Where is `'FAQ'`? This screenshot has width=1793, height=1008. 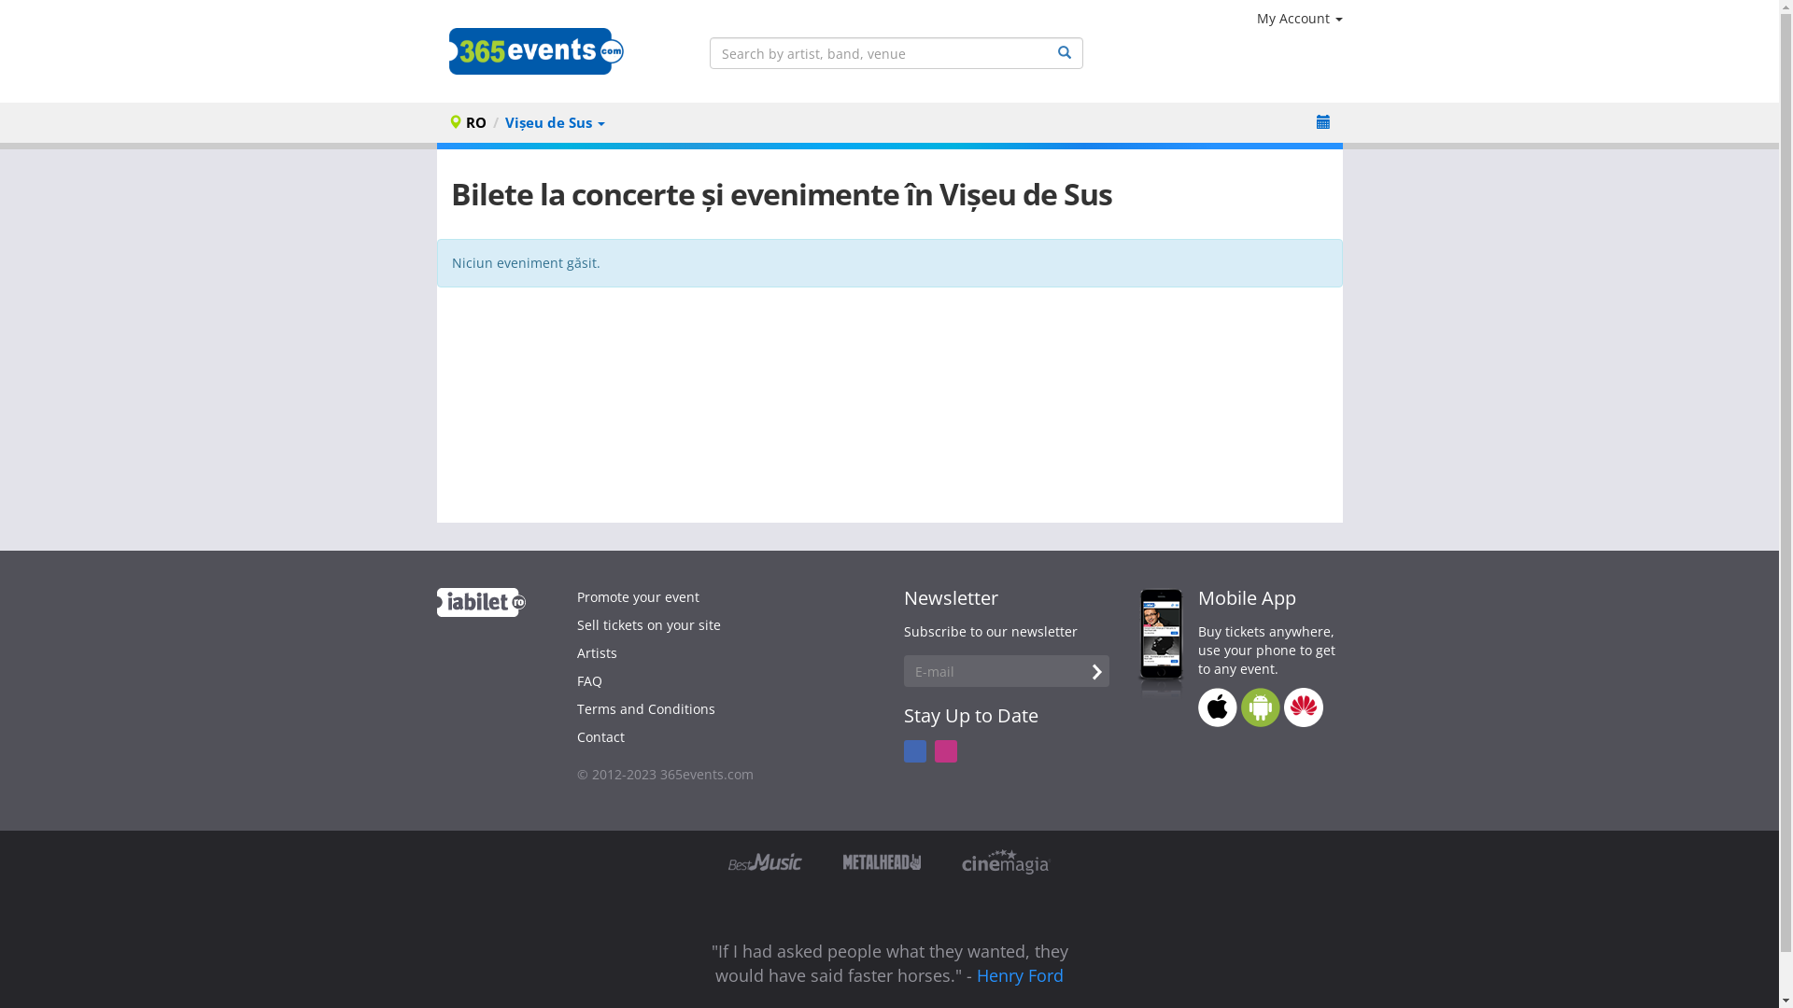 'FAQ' is located at coordinates (588, 680).